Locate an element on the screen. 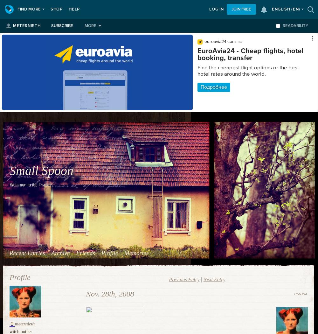 This screenshot has width=318, height=334. 'English' is located at coordinates (272, 9).